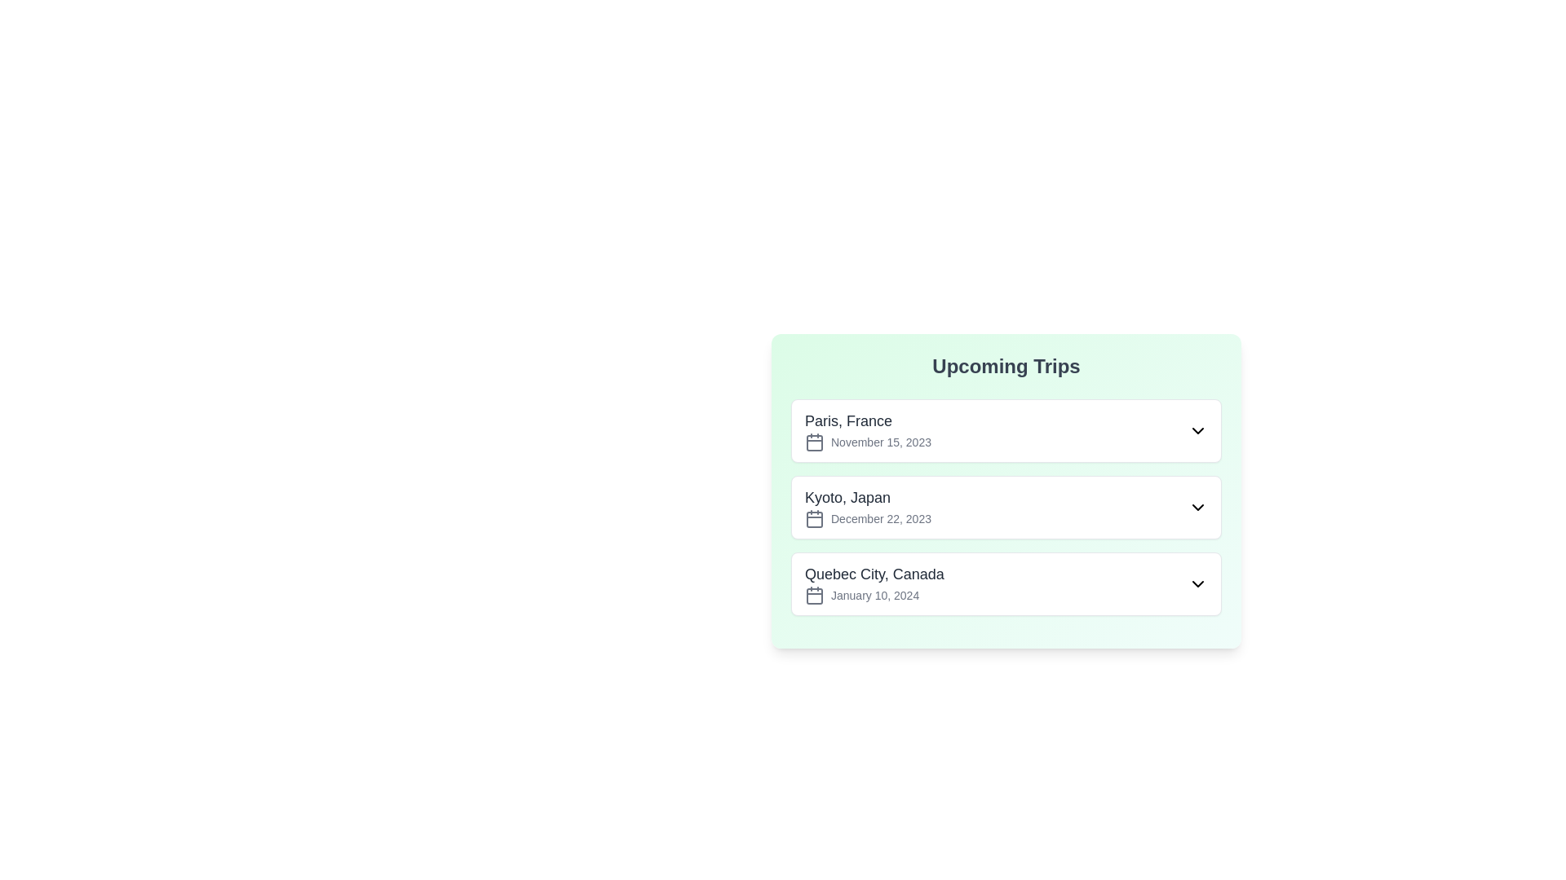 This screenshot has width=1566, height=880. Describe the element at coordinates (1197, 583) in the screenshot. I see `the chevron icon located at the rightmost position of the Quebec City entry in the 'Upcoming Trips' list` at that location.